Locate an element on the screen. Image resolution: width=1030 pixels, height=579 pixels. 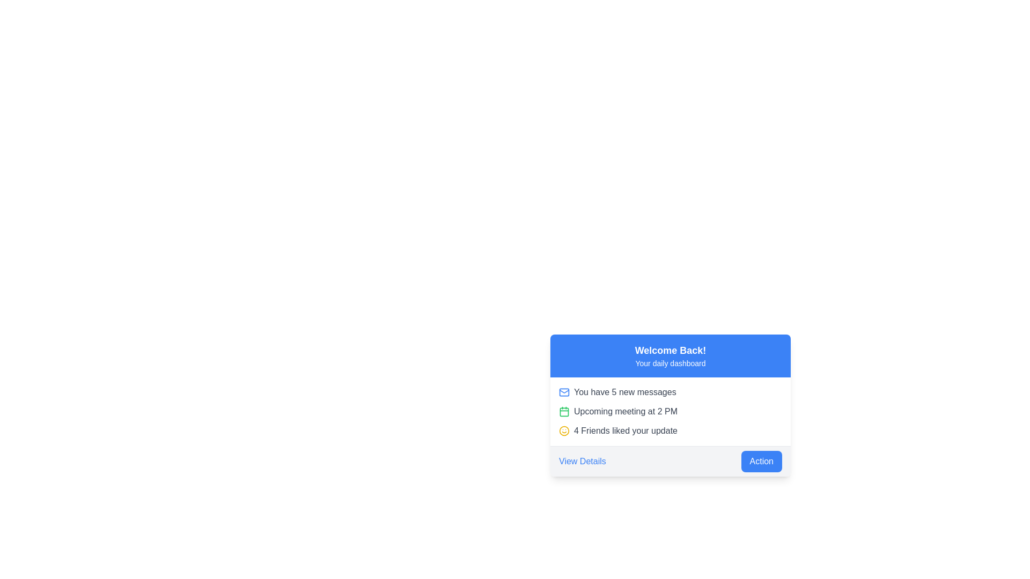
the text element that contains 'Upcoming meeting at 2 PM', which is the second line of text under the title 'Welcome Back!' and positioned to the right of a green calendar icon is located at coordinates (626, 411).